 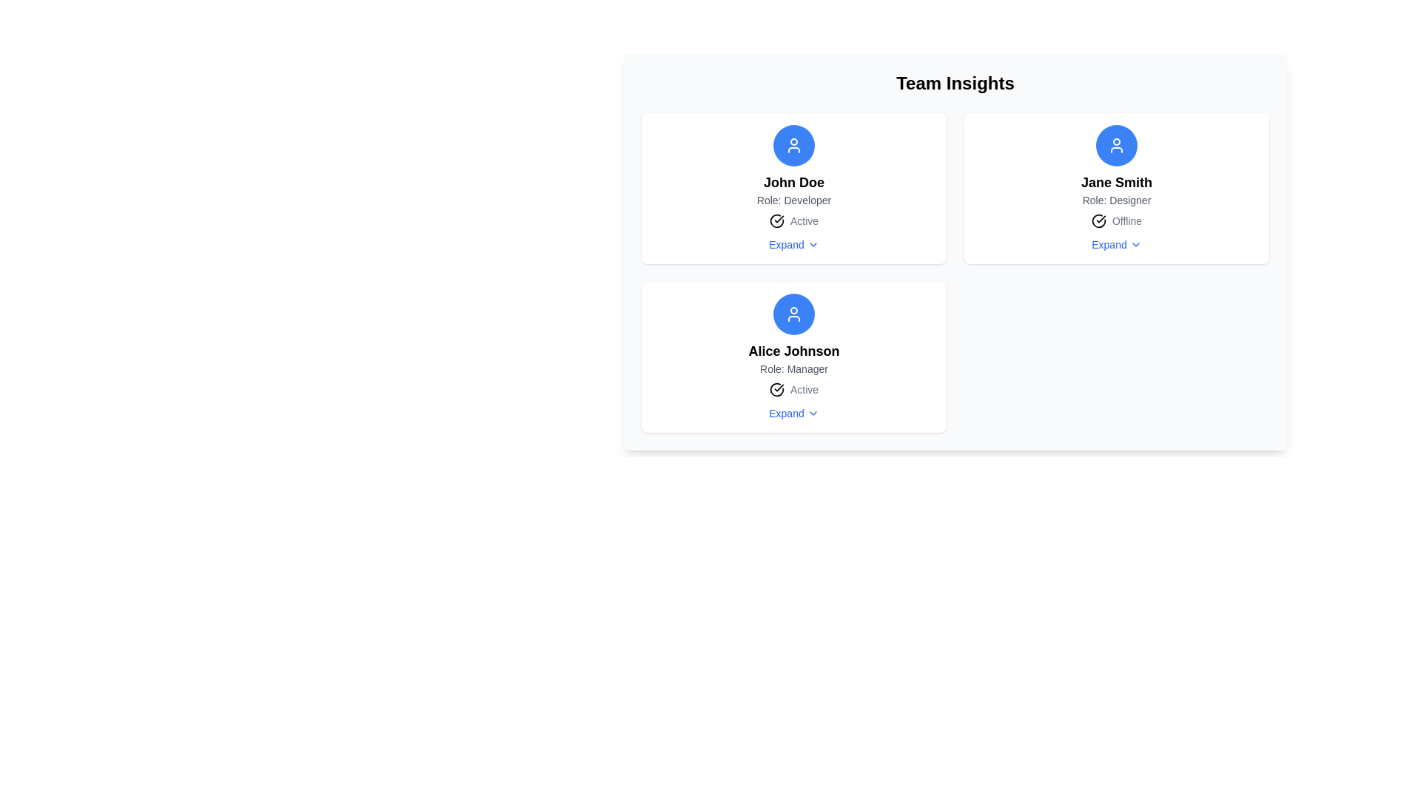 I want to click on the user profile icon, which is a white outline of a person within a circular blue background, located in the 'Team Insights' section under 'John Doe', so click(x=793, y=313).